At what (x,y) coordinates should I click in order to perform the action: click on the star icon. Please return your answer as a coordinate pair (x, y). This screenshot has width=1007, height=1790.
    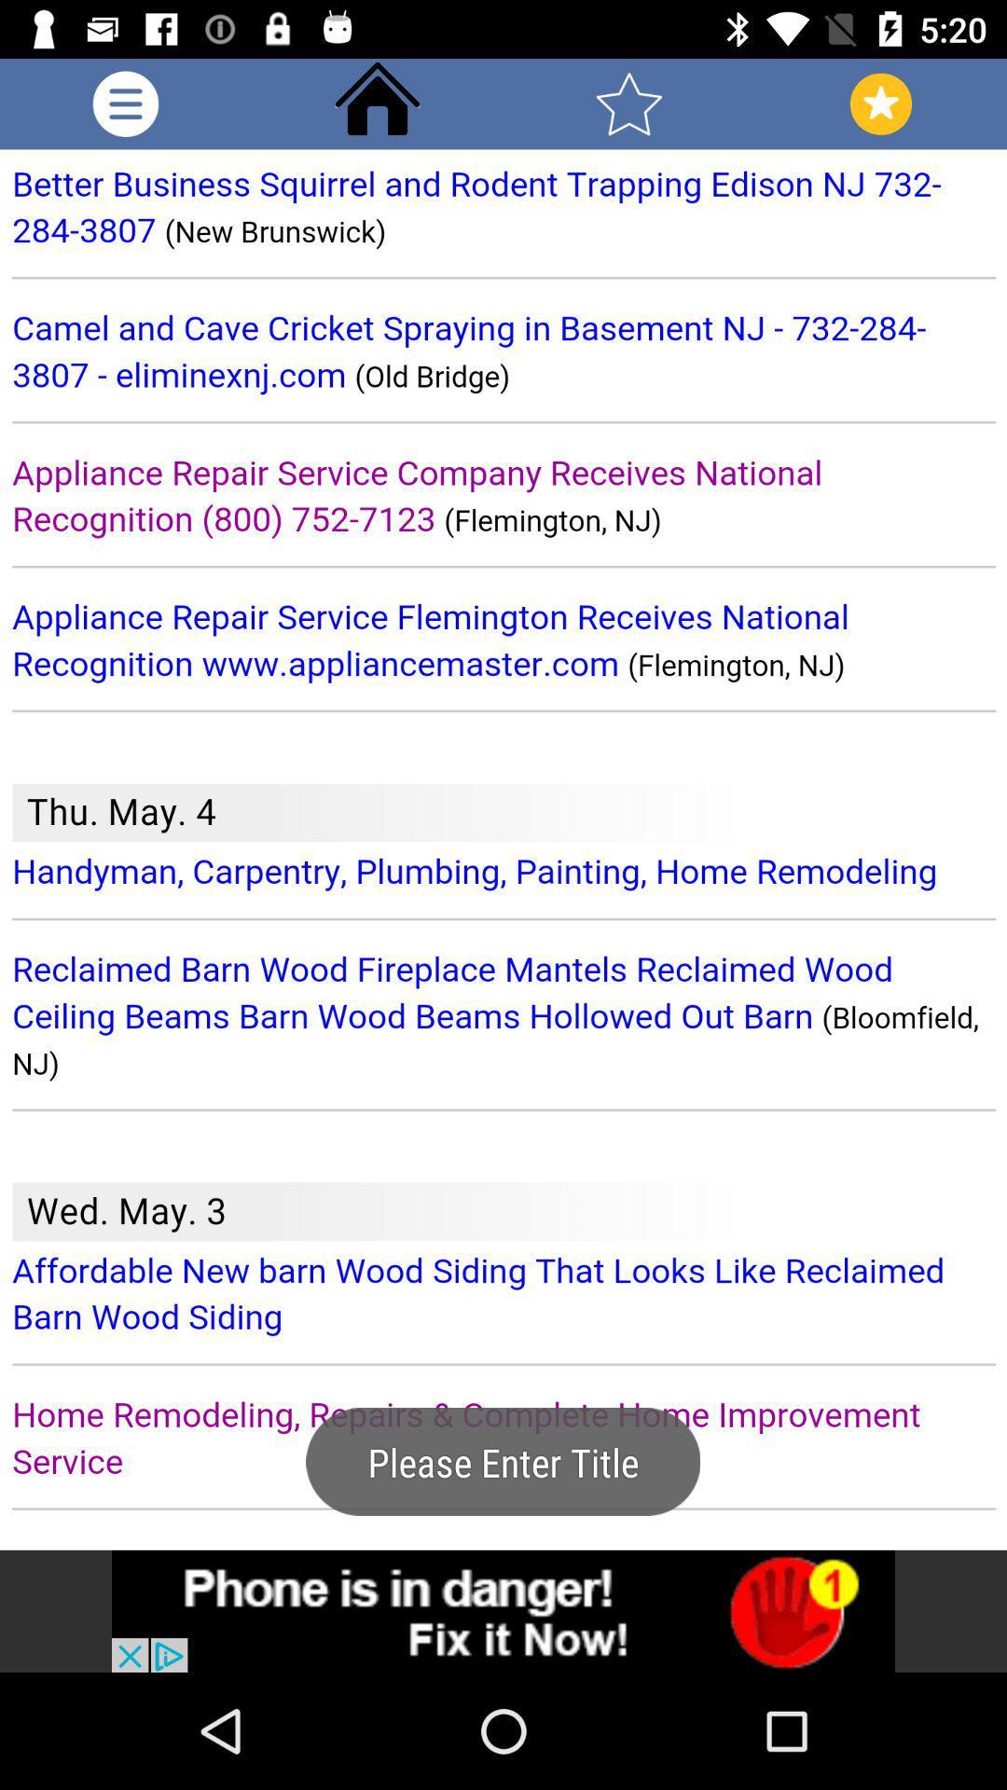
    Looking at the image, I should click on (629, 103).